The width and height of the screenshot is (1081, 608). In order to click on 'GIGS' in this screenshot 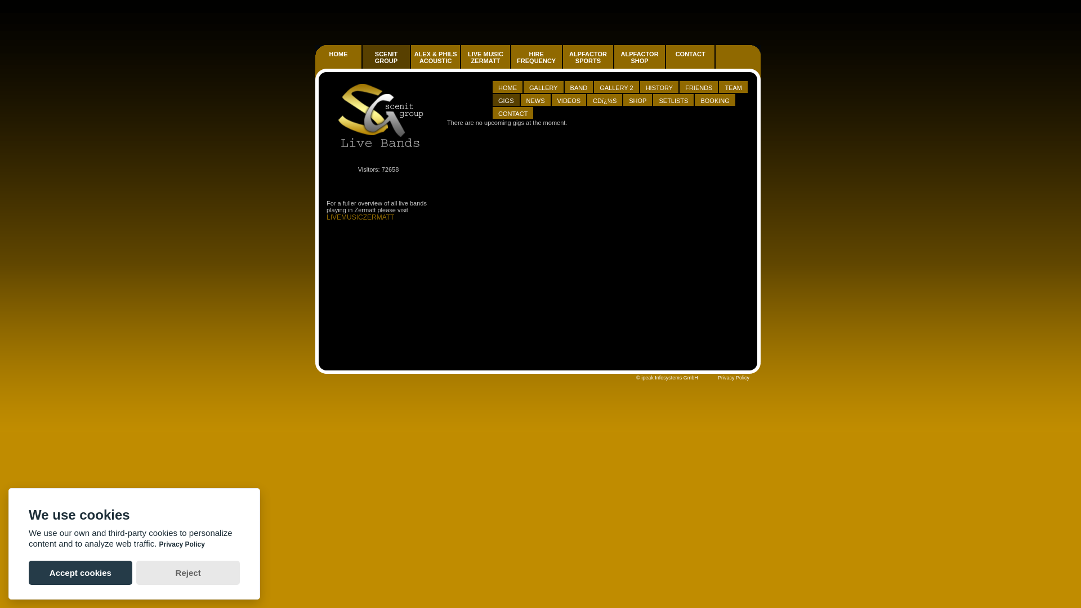, I will do `click(505, 100)`.